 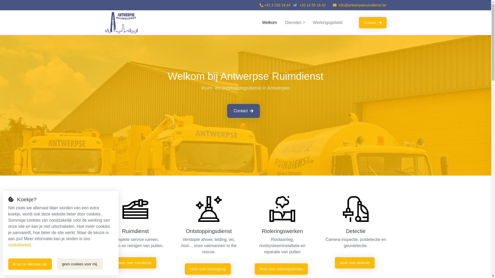 What do you see at coordinates (255, 269) in the screenshot?
I see `'Meer over rioleringswerken'` at bounding box center [255, 269].